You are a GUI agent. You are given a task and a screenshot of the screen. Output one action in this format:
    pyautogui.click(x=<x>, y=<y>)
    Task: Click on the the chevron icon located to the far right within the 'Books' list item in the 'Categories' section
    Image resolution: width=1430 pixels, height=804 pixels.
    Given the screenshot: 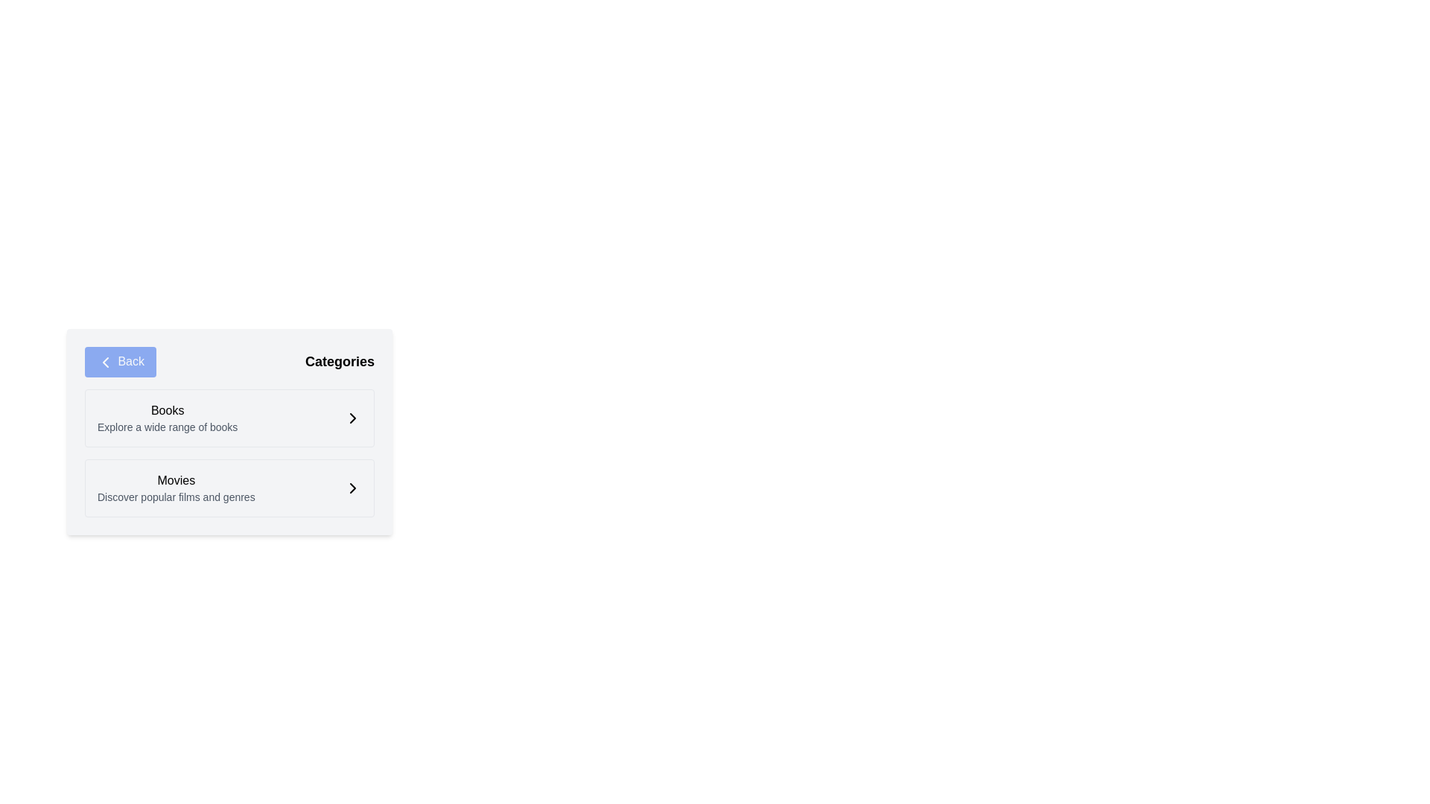 What is the action you would take?
    pyautogui.click(x=352, y=417)
    